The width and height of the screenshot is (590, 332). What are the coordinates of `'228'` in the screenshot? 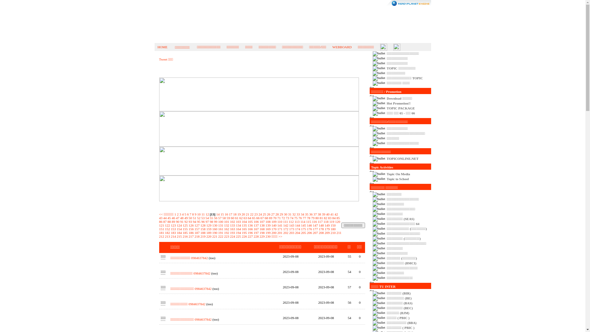 It's located at (256, 236).